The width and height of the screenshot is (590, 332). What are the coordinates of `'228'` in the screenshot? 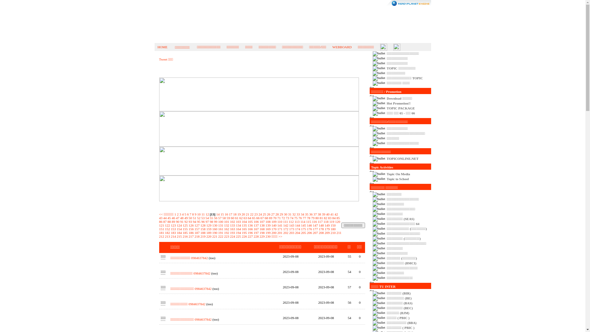 It's located at (256, 236).